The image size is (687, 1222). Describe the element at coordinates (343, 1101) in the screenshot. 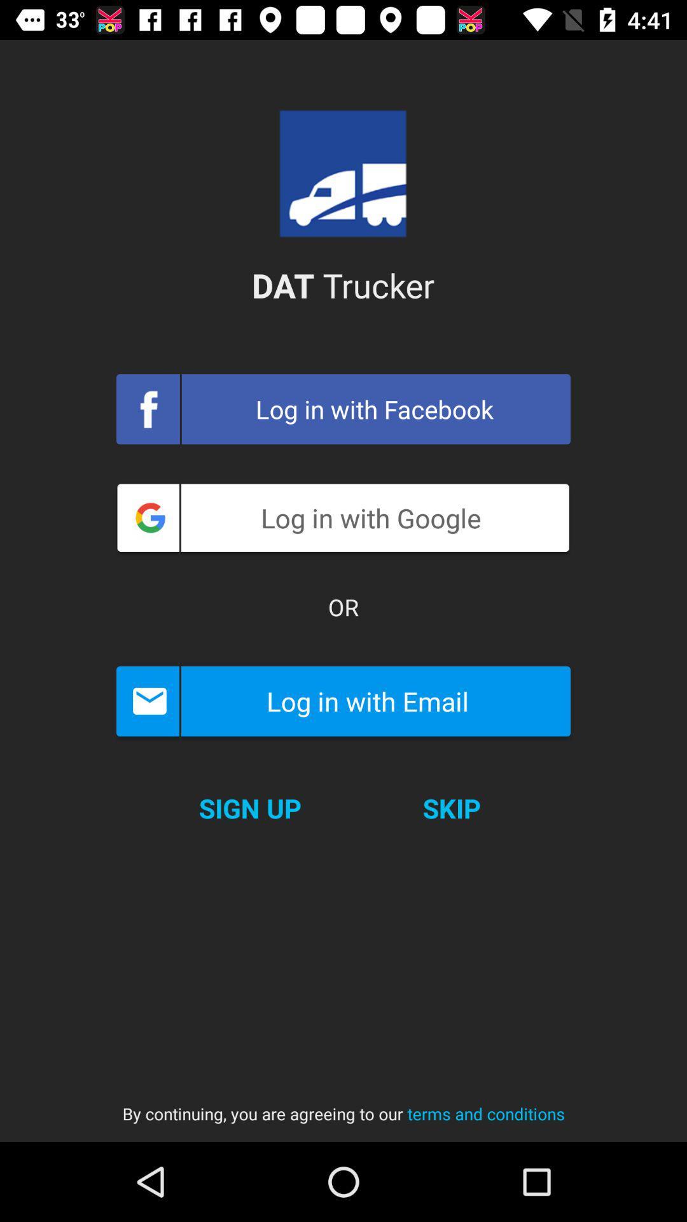

I see `the icon below sign up item` at that location.